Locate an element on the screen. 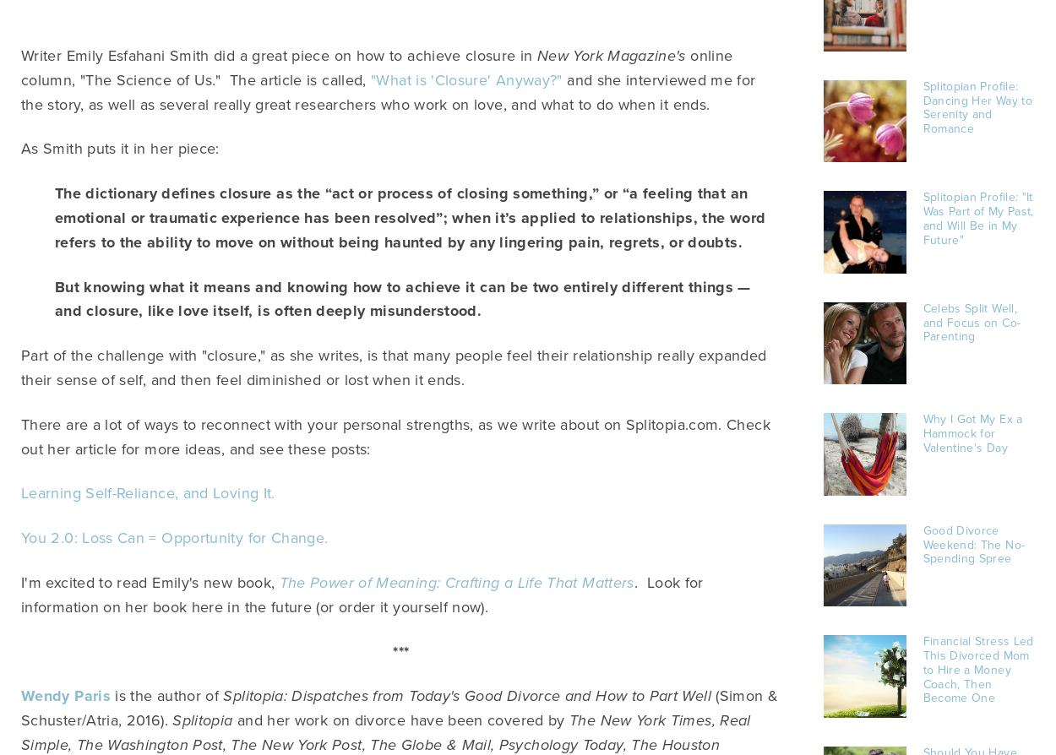 The image size is (1056, 755). 'Splitopian Profile: Dancing Her Way to Serenity and Romance' is located at coordinates (977, 107).